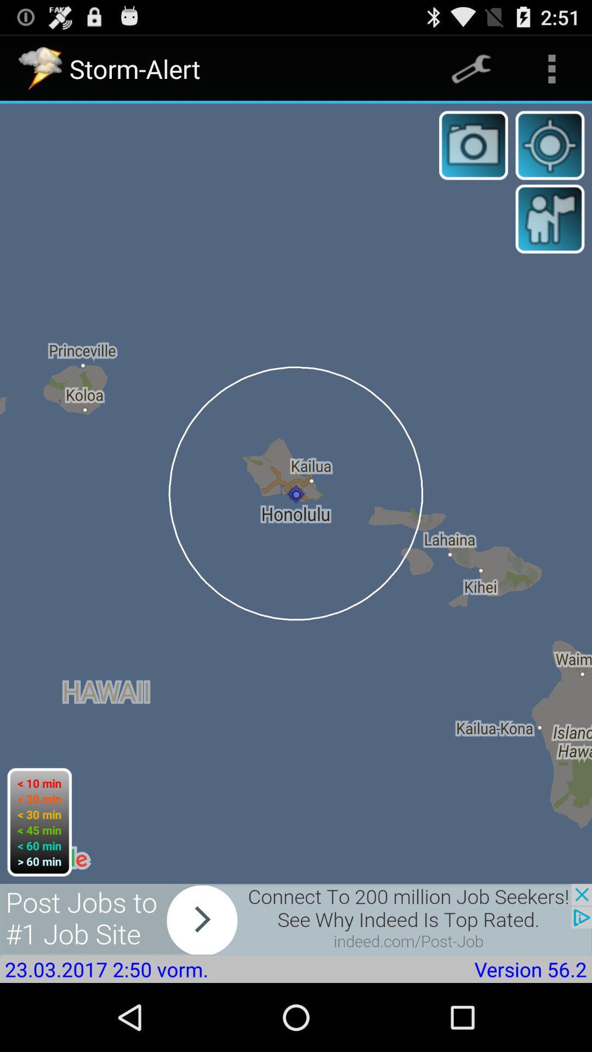 This screenshot has width=592, height=1052. What do you see at coordinates (473, 145) in the screenshot?
I see `take photo` at bounding box center [473, 145].